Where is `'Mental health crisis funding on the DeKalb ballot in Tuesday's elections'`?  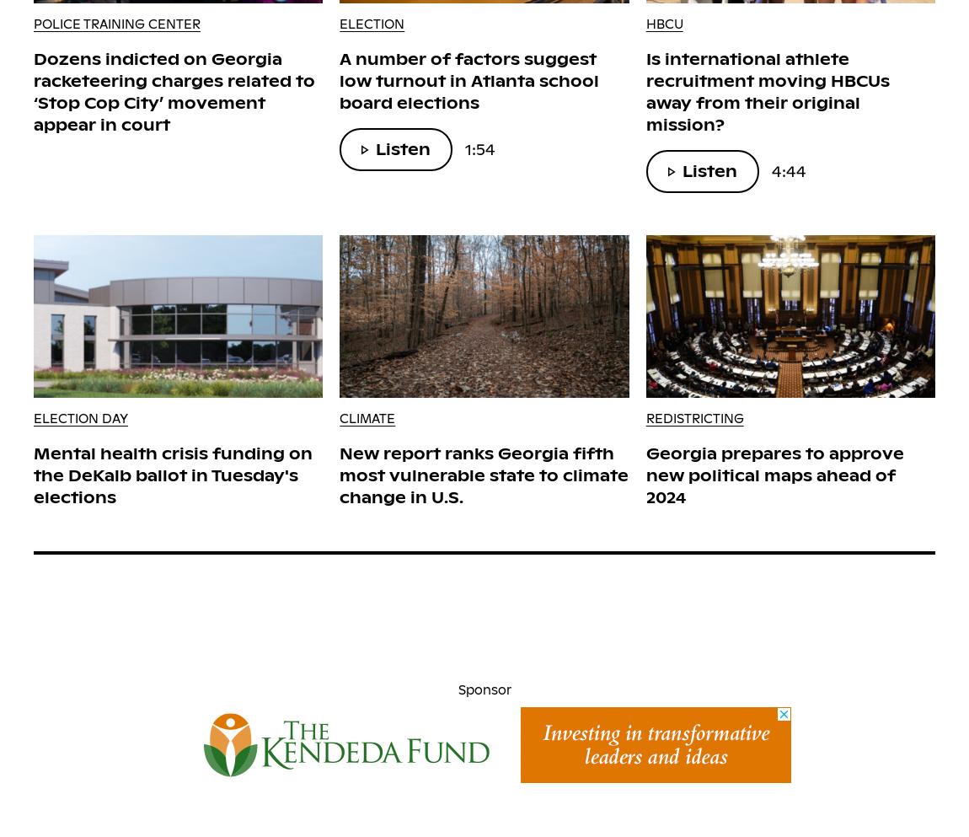 'Mental health crisis funding on the DeKalb ballot in Tuesday's elections' is located at coordinates (172, 475).